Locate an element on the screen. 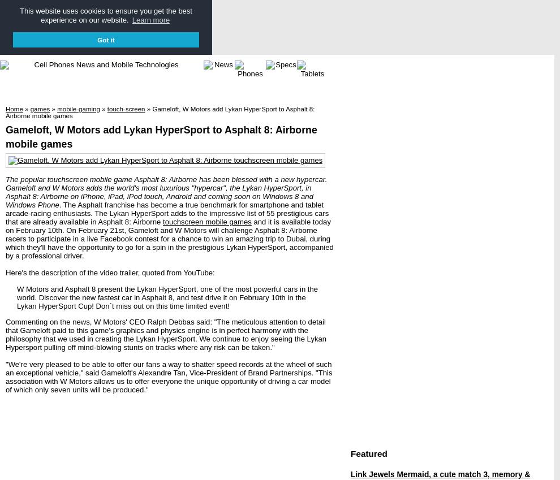 The width and height of the screenshot is (560, 480). 'touch-screen' is located at coordinates (125, 108).